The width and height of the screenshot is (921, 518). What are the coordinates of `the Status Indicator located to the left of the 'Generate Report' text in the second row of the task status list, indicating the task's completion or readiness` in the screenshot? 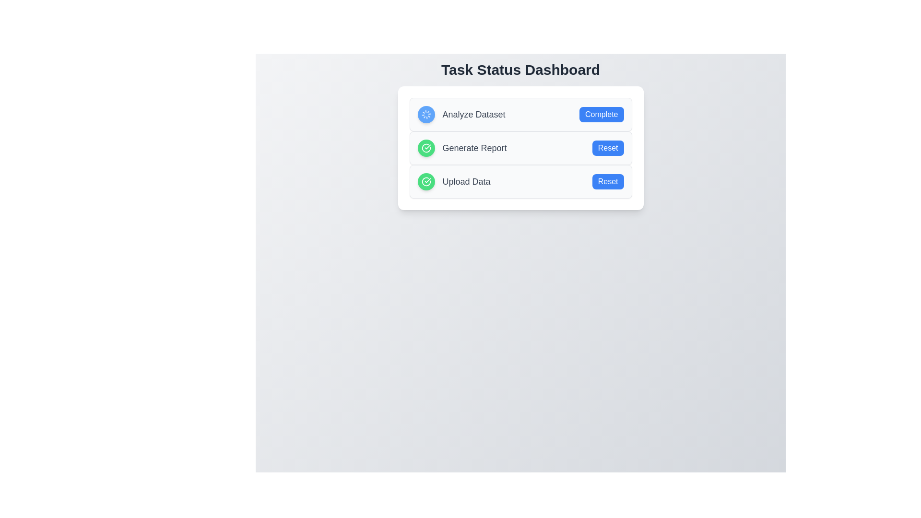 It's located at (425, 148).